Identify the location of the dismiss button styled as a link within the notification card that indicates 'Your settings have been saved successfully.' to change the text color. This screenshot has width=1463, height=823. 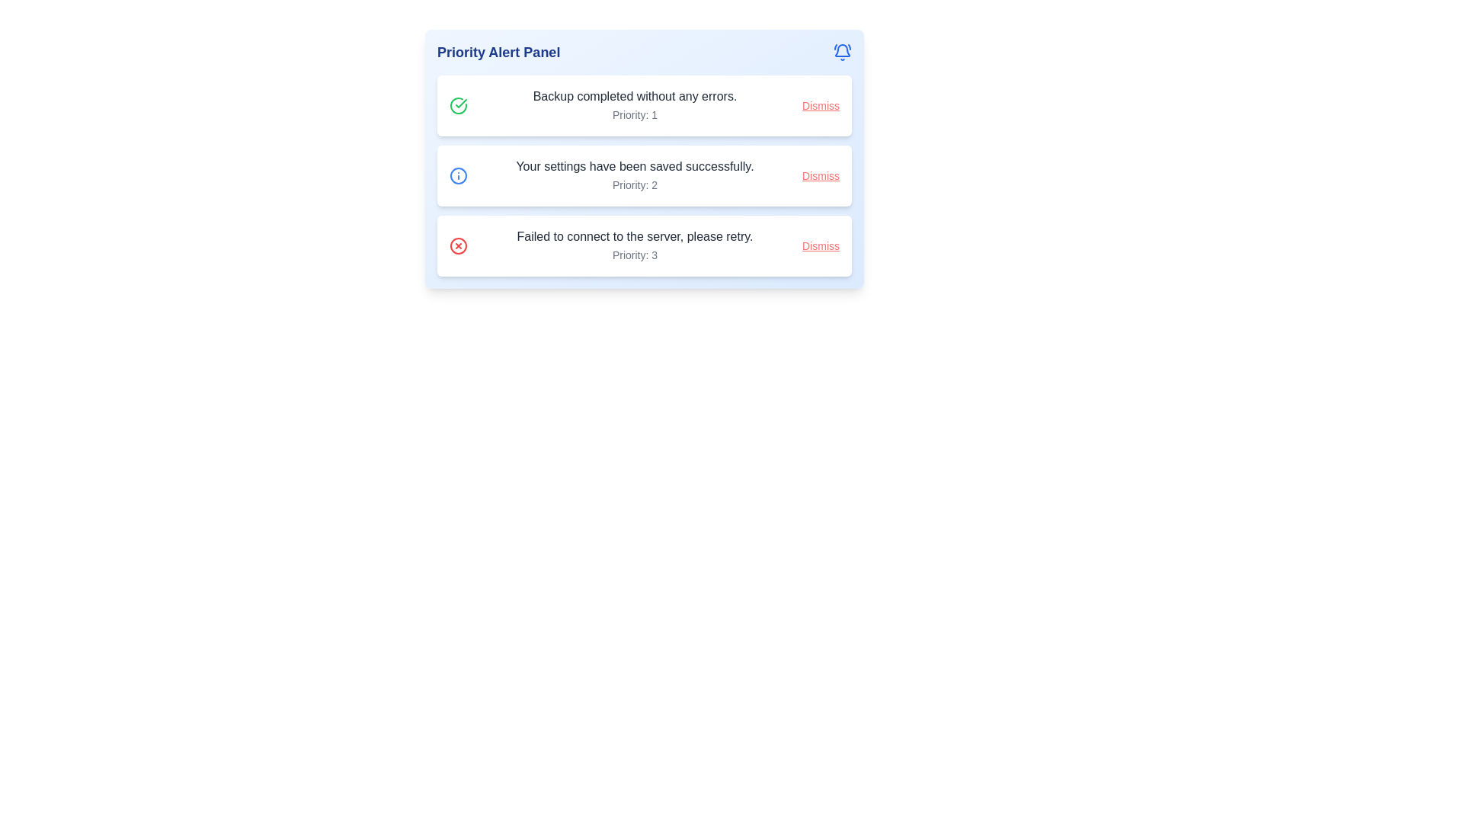
(820, 175).